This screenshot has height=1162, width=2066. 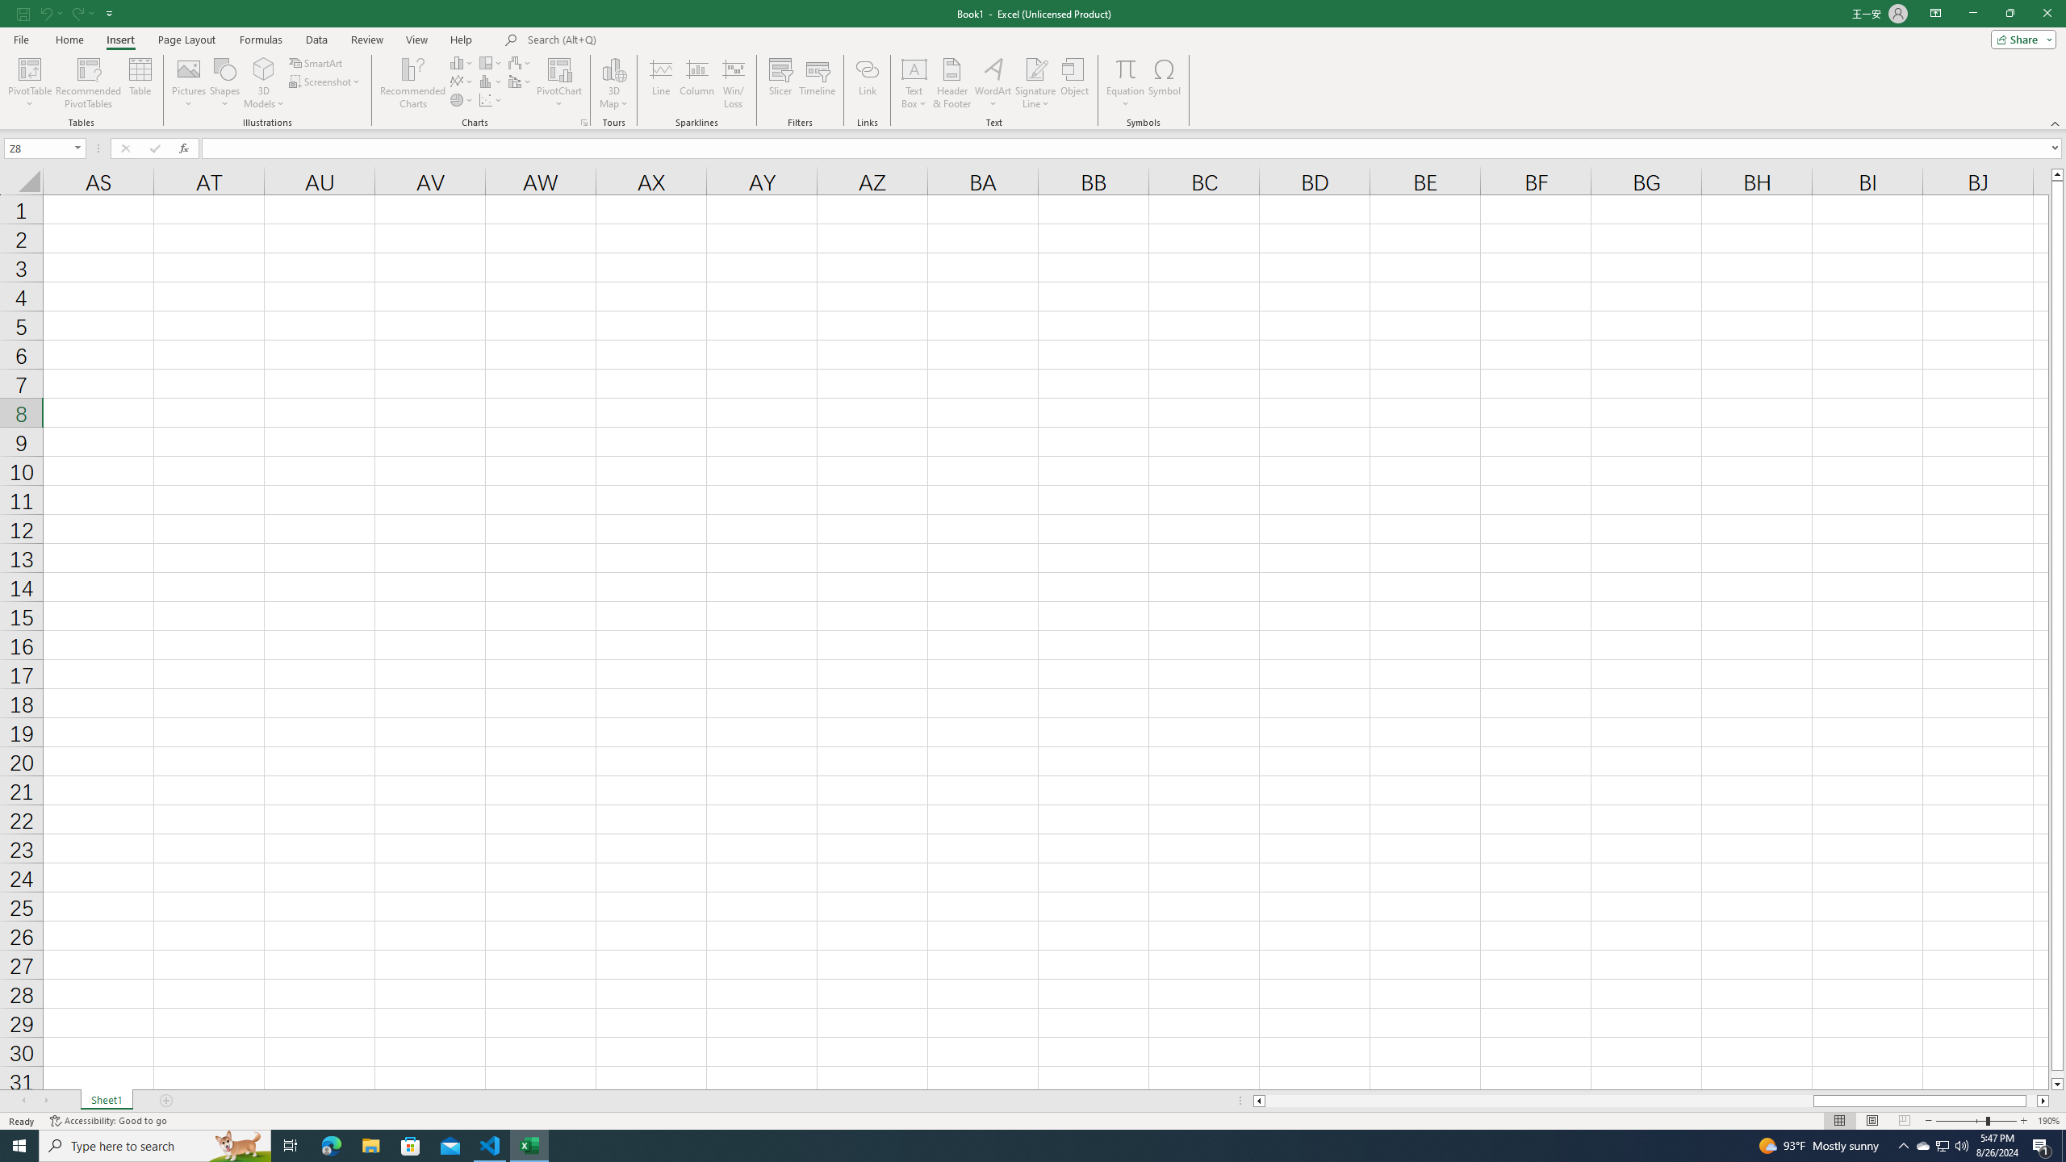 I want to click on 'Recommended PivotTables', so click(x=89, y=83).